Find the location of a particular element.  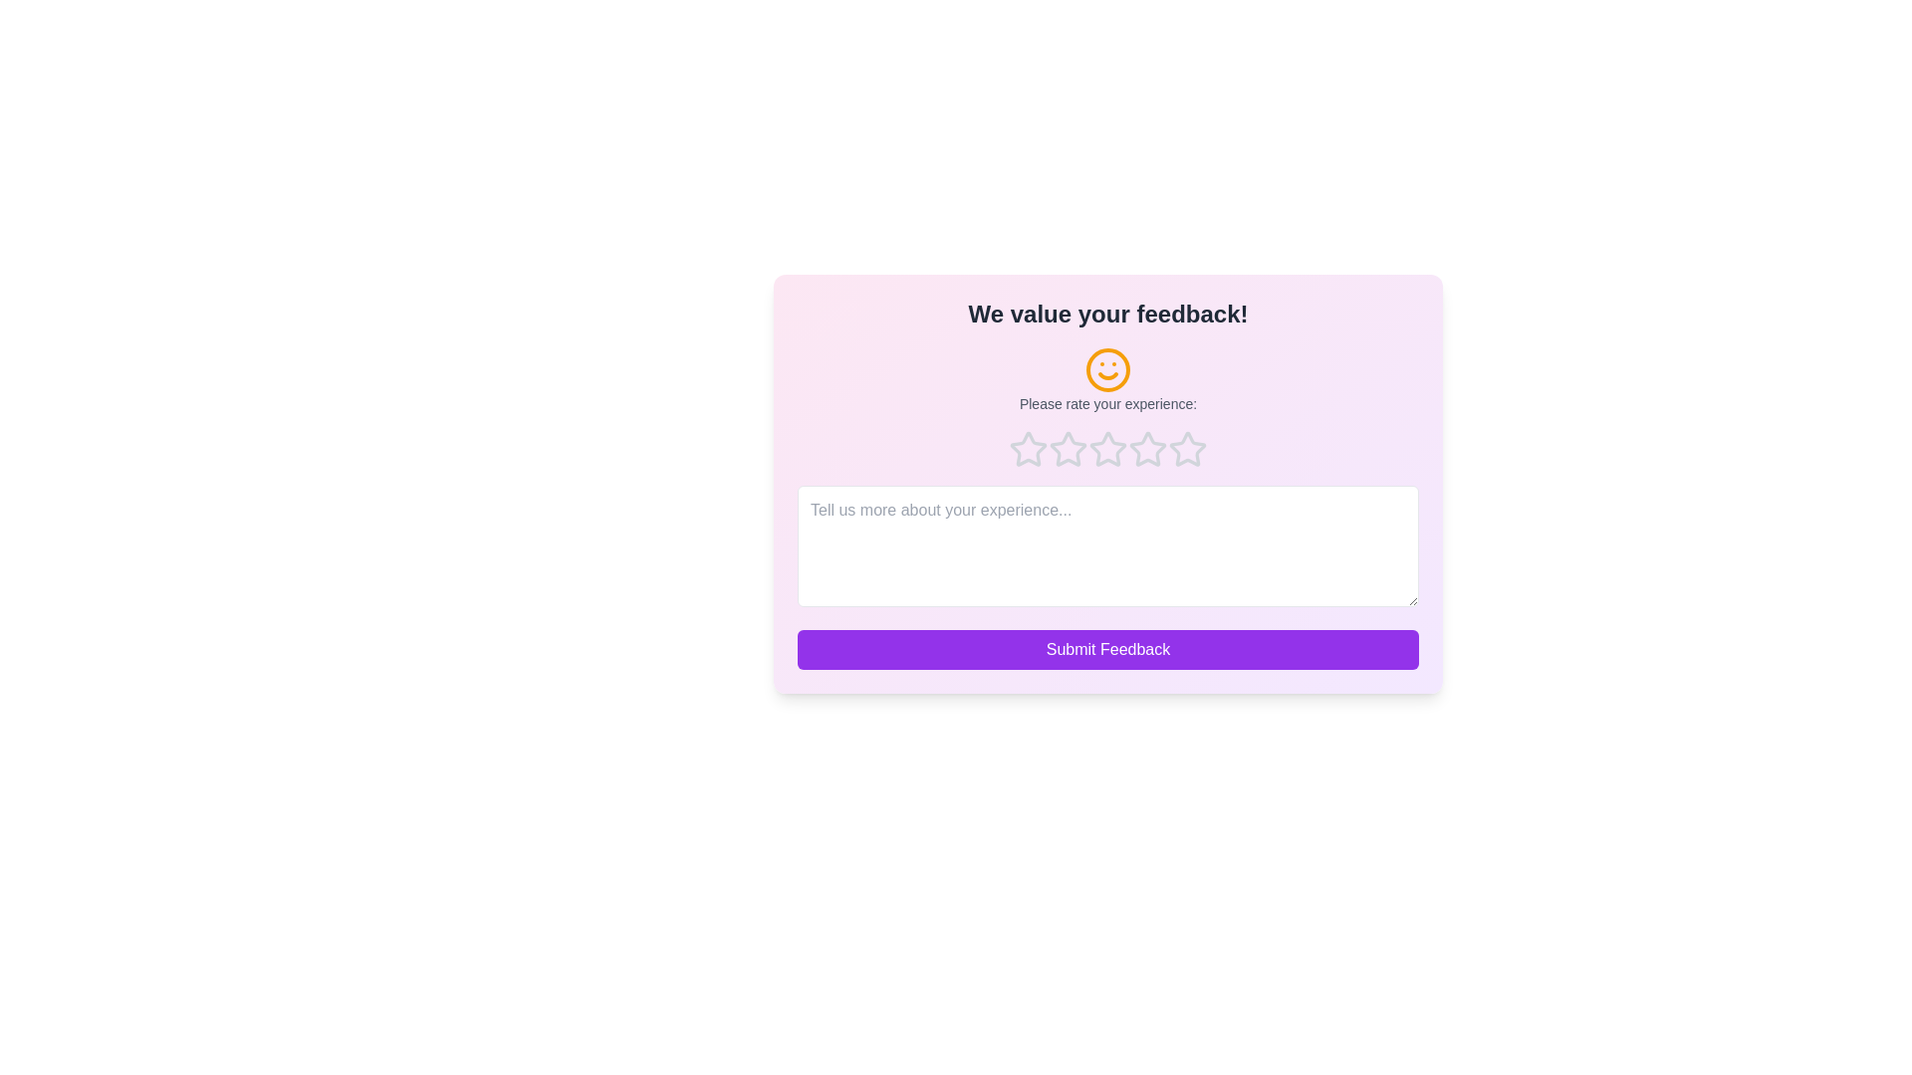

the first gray star icon in the rating interface is located at coordinates (1028, 449).